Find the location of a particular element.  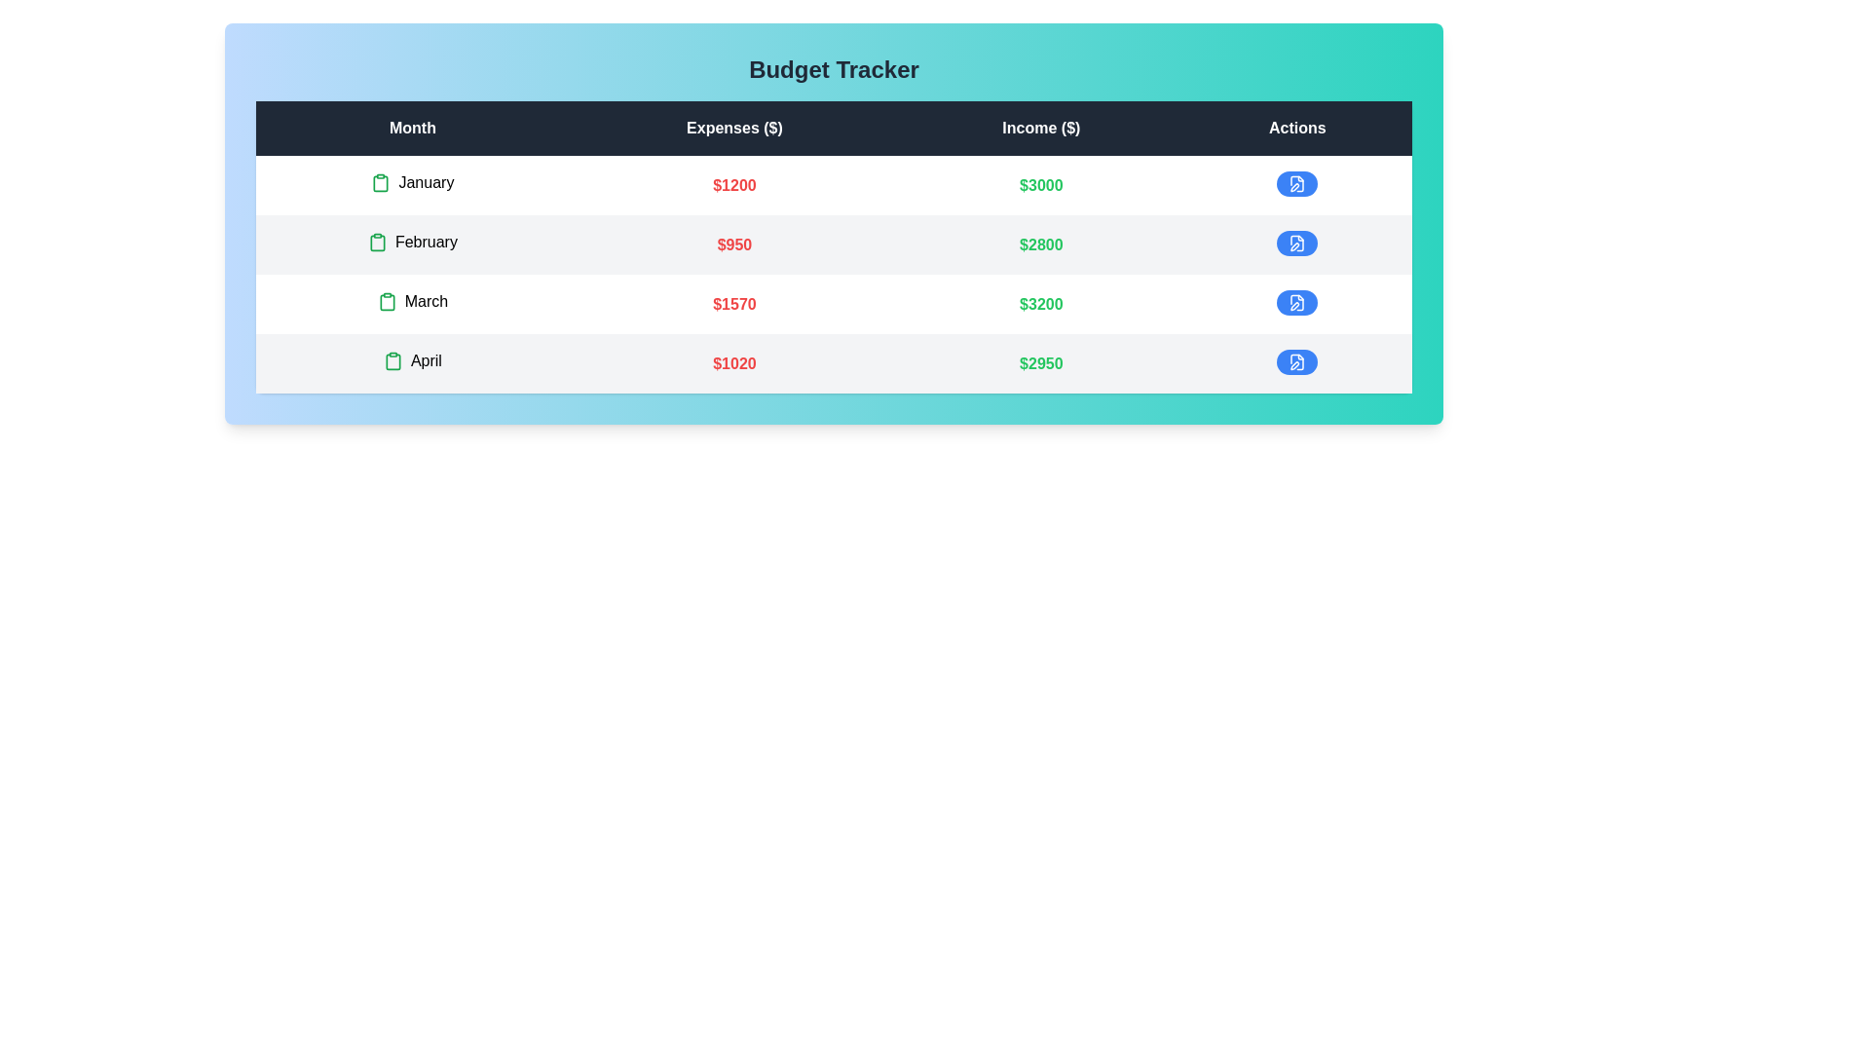

edit button for the row corresponding to January is located at coordinates (1297, 184).